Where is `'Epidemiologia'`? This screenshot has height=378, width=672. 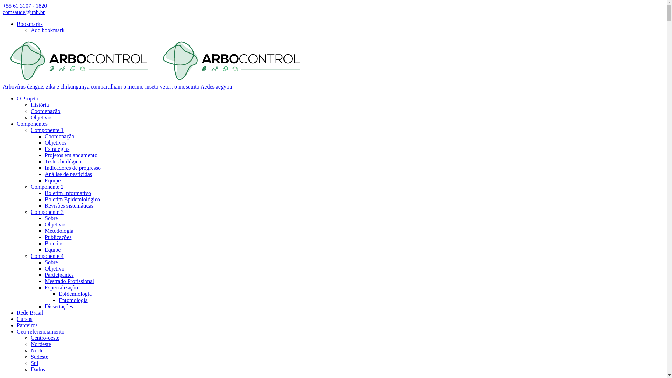
'Epidemiologia' is located at coordinates (75, 294).